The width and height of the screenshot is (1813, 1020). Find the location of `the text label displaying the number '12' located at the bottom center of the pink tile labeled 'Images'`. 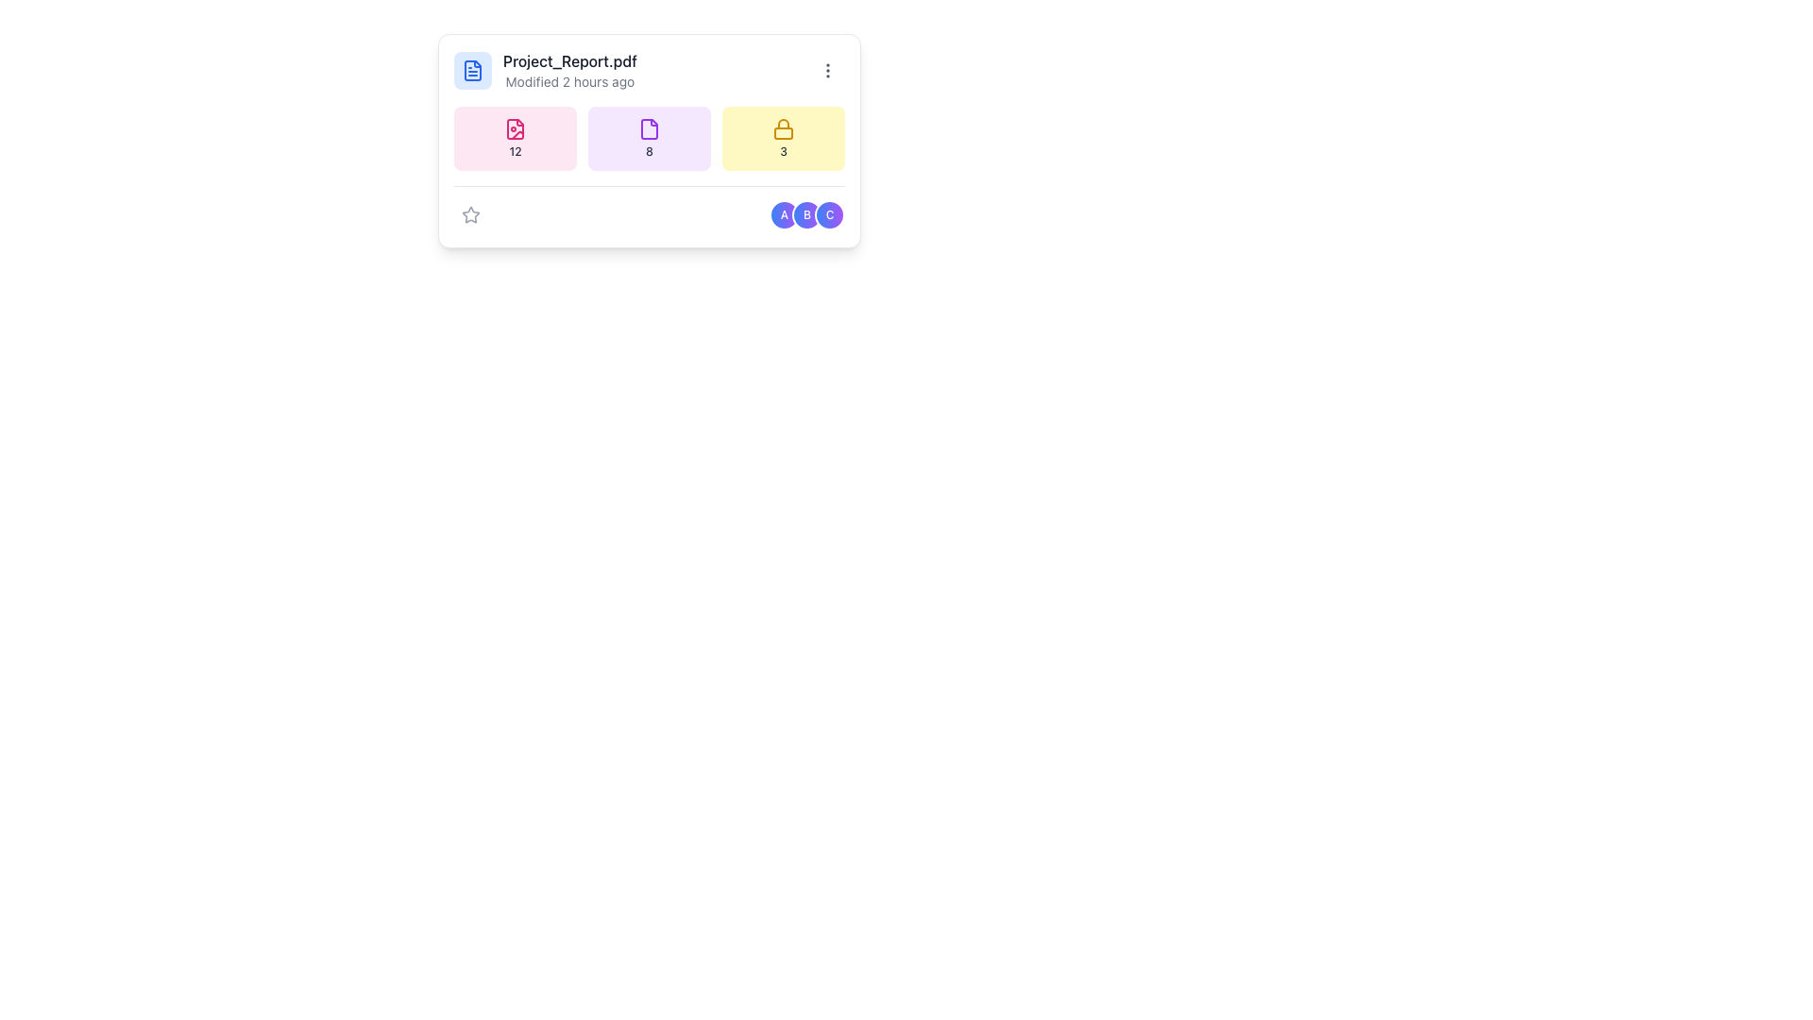

the text label displaying the number '12' located at the bottom center of the pink tile labeled 'Images' is located at coordinates (516, 151).